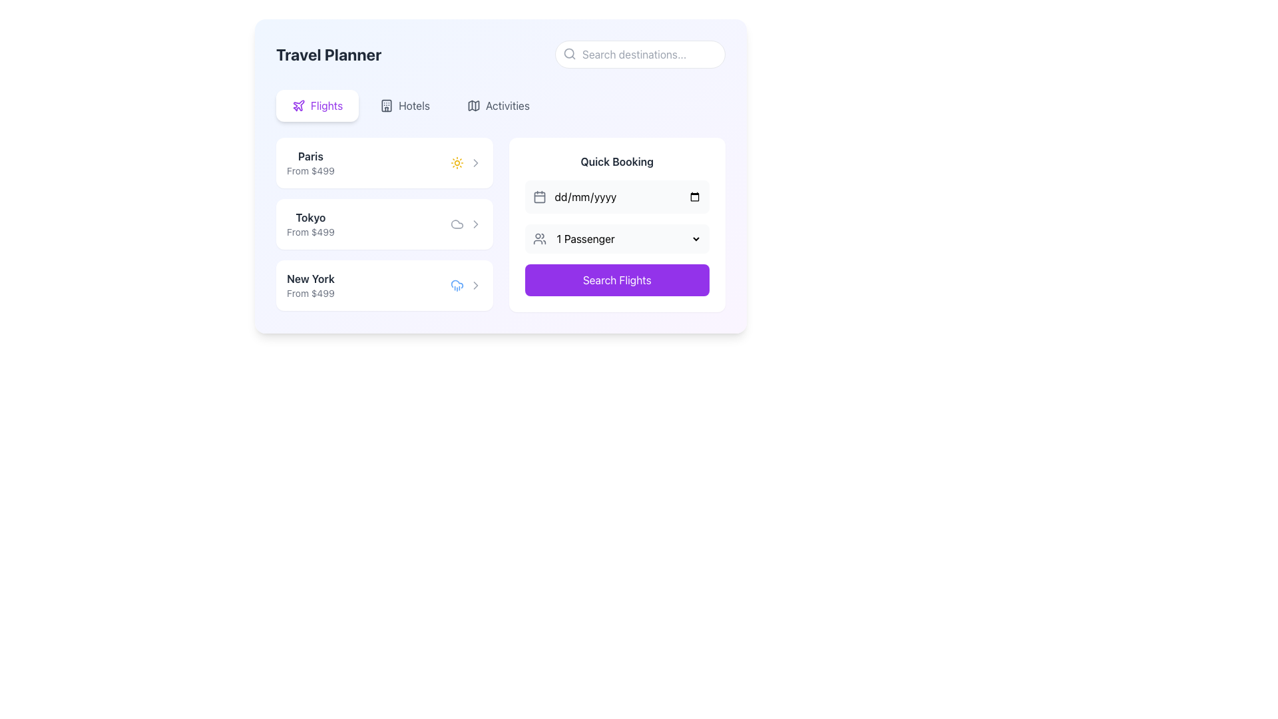 The height and width of the screenshot is (719, 1278). I want to click on the text block displaying 'New York' in bold with the smaller text 'From $499' below it, located in the left card block of the application layout, so click(310, 284).